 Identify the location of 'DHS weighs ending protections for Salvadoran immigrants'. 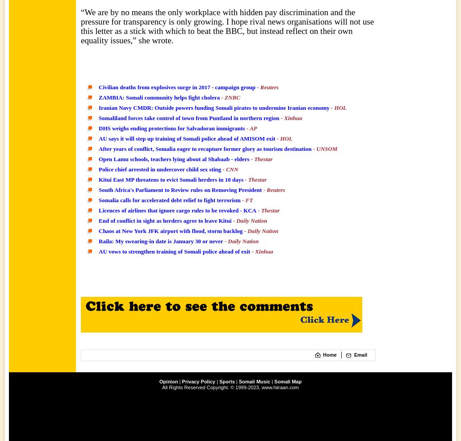
(172, 128).